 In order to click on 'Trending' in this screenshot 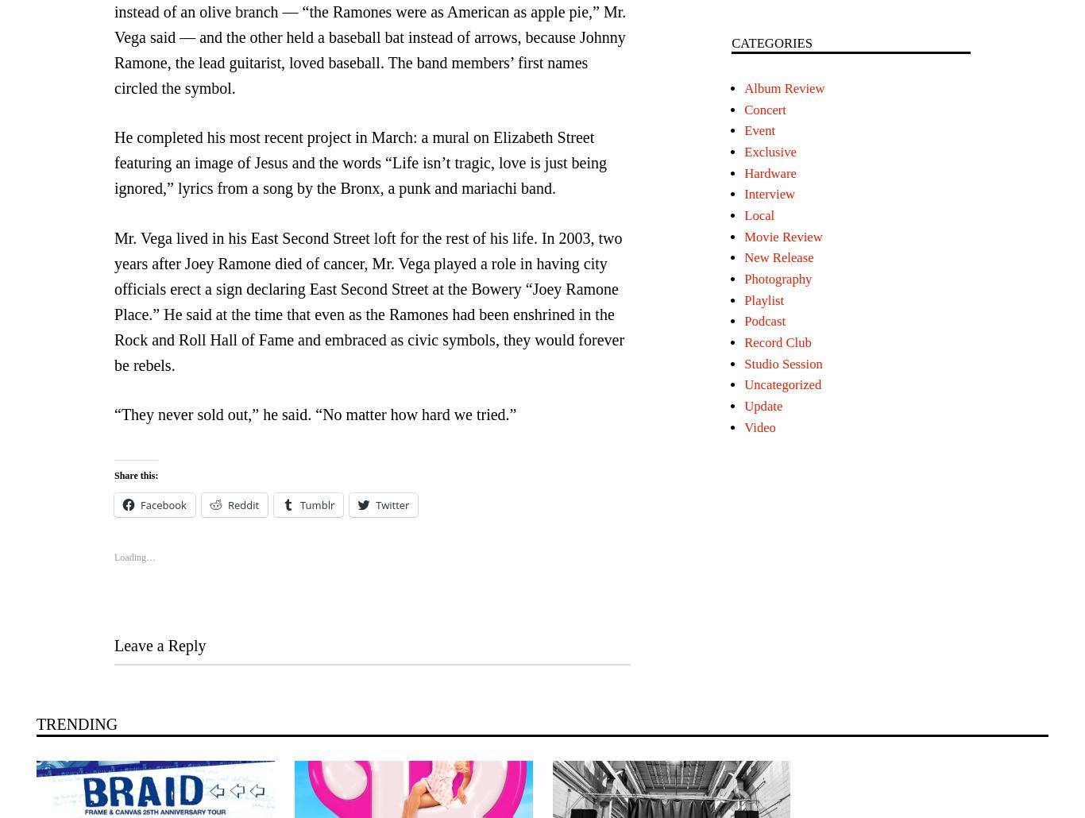, I will do `click(76, 723)`.